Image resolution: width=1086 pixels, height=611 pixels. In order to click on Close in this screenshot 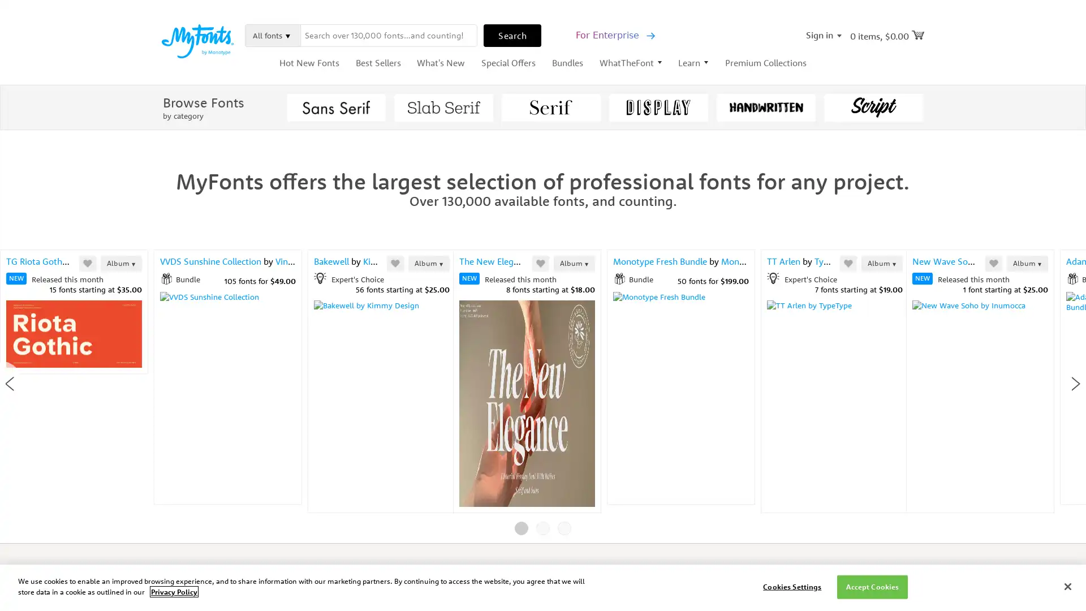, I will do `click(755, 81)`.